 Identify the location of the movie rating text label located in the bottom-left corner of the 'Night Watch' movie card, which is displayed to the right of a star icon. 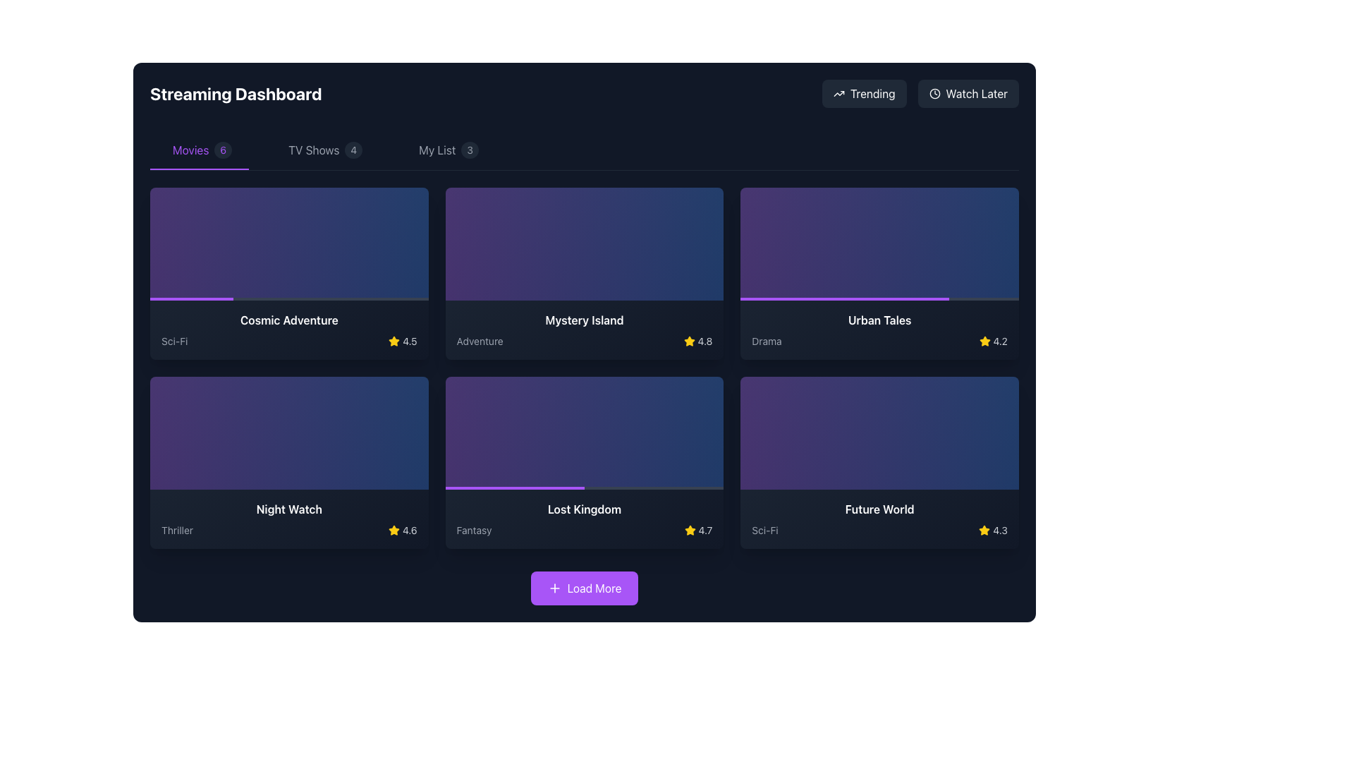
(409, 531).